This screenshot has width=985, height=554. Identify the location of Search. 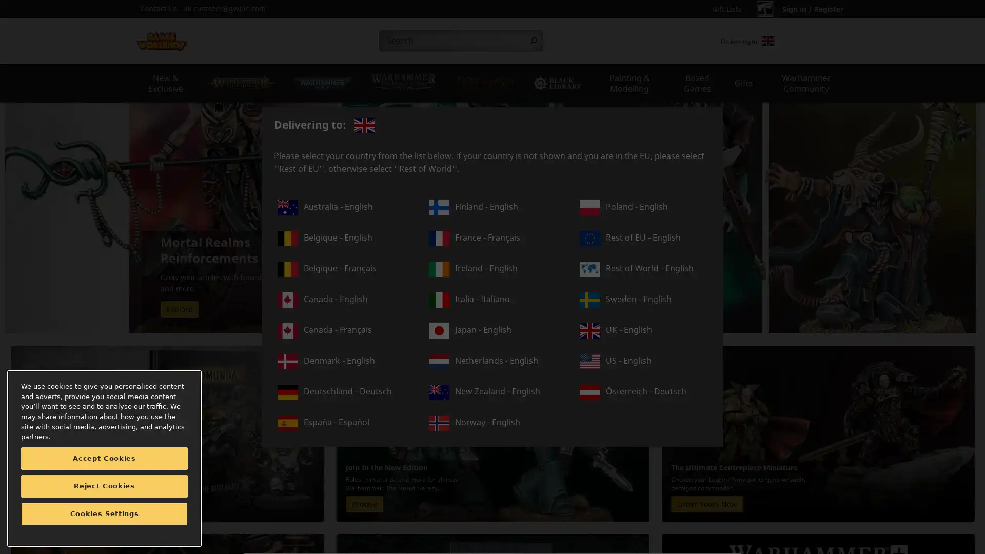
(534, 41).